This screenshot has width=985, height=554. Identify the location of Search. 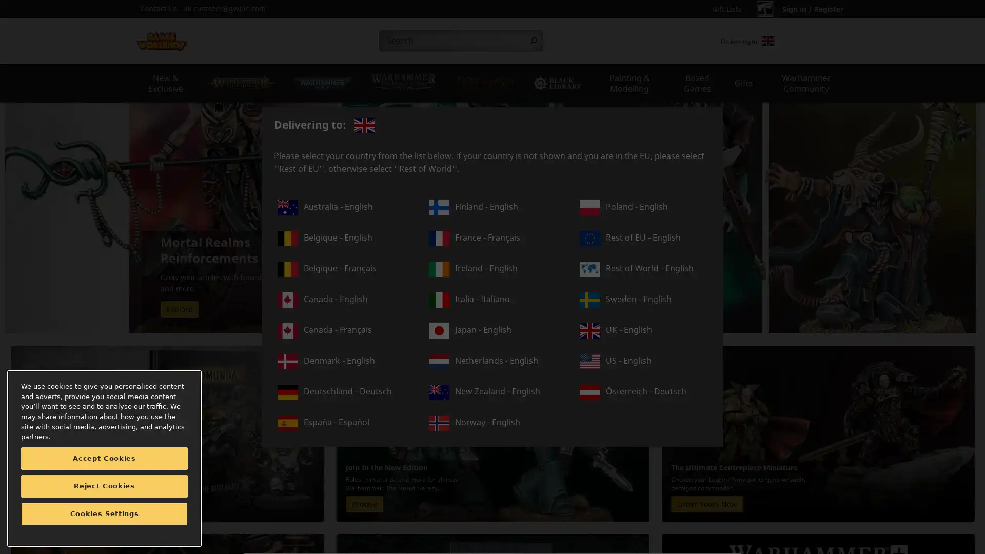
(534, 41).